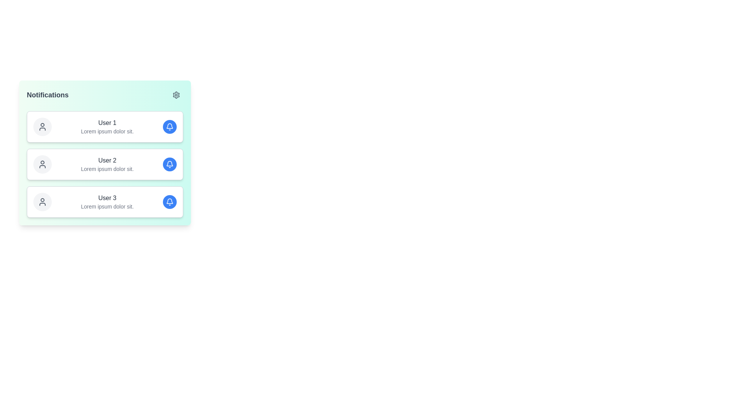 Image resolution: width=736 pixels, height=414 pixels. What do you see at coordinates (169, 200) in the screenshot?
I see `the icon button for notifications located at the extreme right of the notification card for 'User 3'` at bounding box center [169, 200].